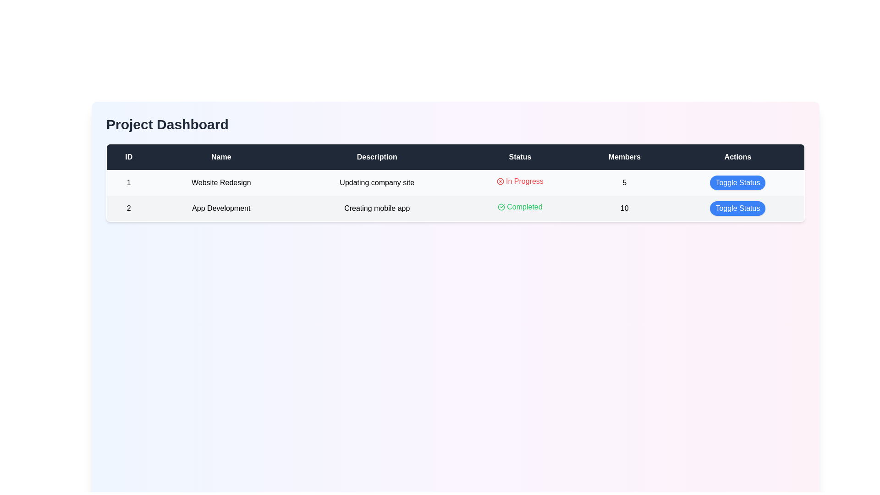 This screenshot has height=495, width=880. I want to click on the 'Actions' text label located in the top row of the table header, which is the rightmost position adjacent to the 'Members' column, so click(738, 156).